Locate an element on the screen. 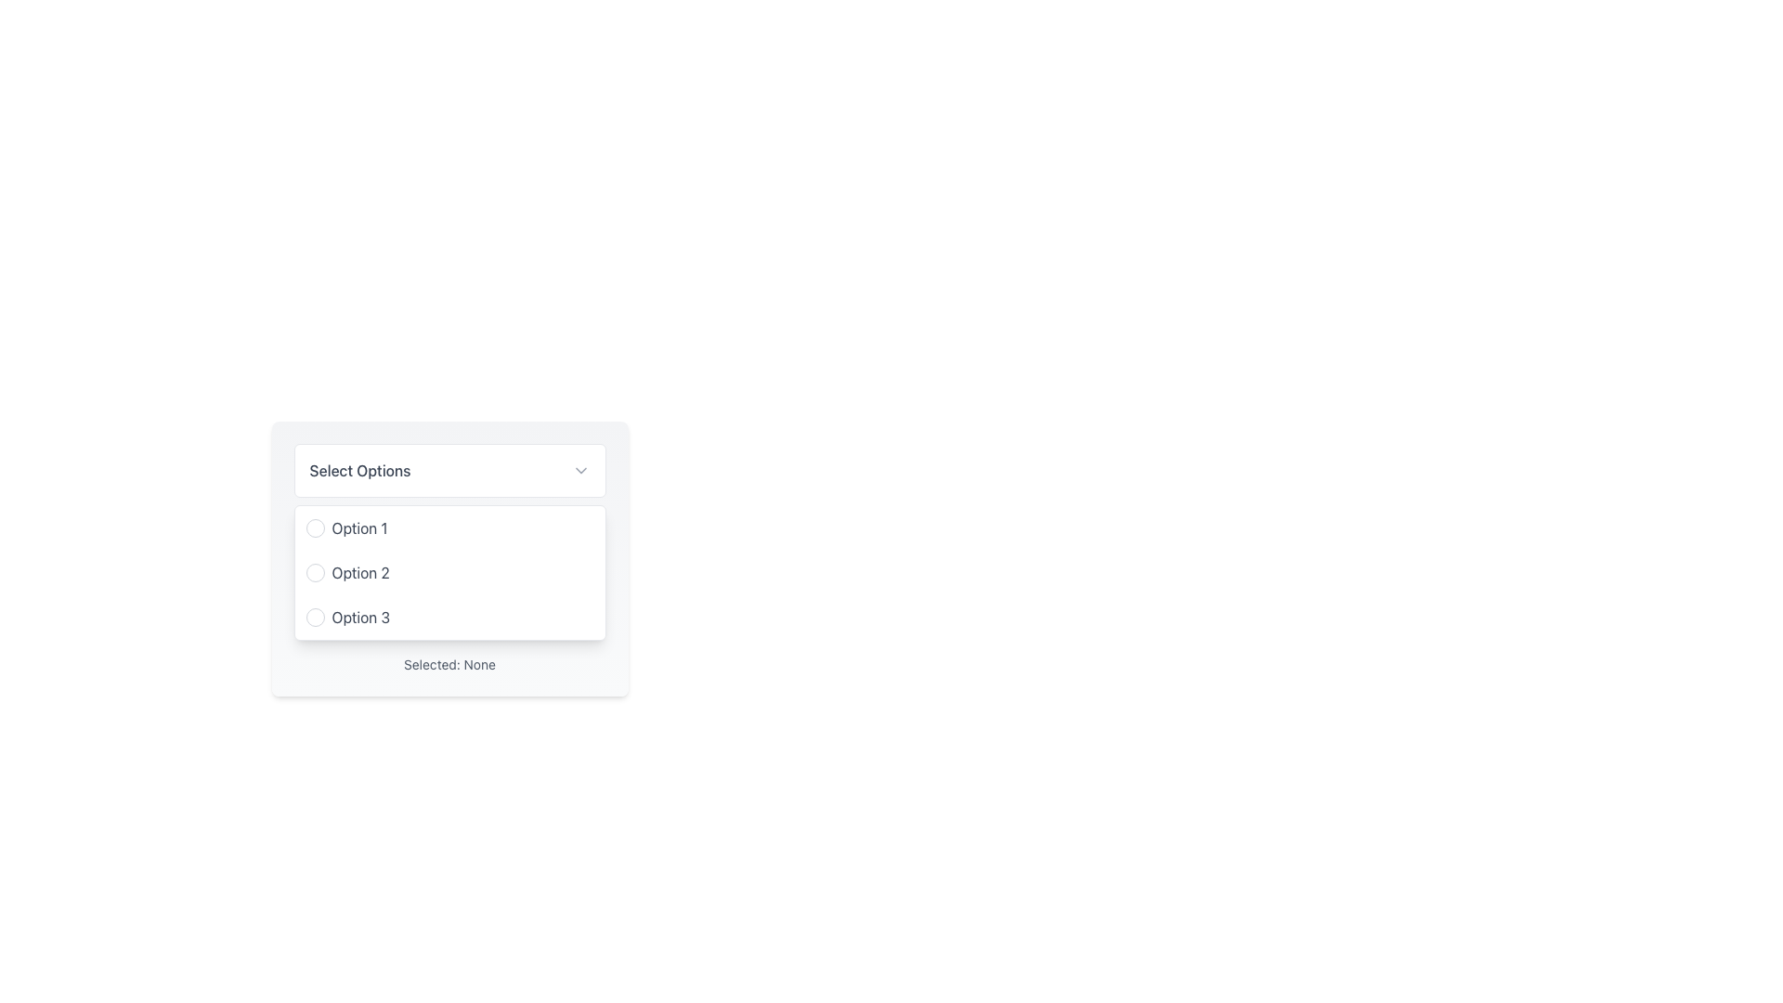 Image resolution: width=1783 pixels, height=1003 pixels. the first radio button option within the dropdown menu is located at coordinates (449, 528).